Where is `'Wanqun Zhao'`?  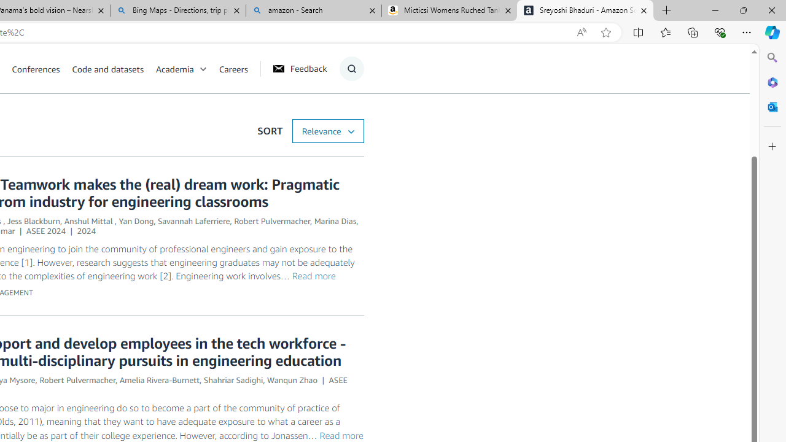 'Wanqun Zhao' is located at coordinates (291, 379).